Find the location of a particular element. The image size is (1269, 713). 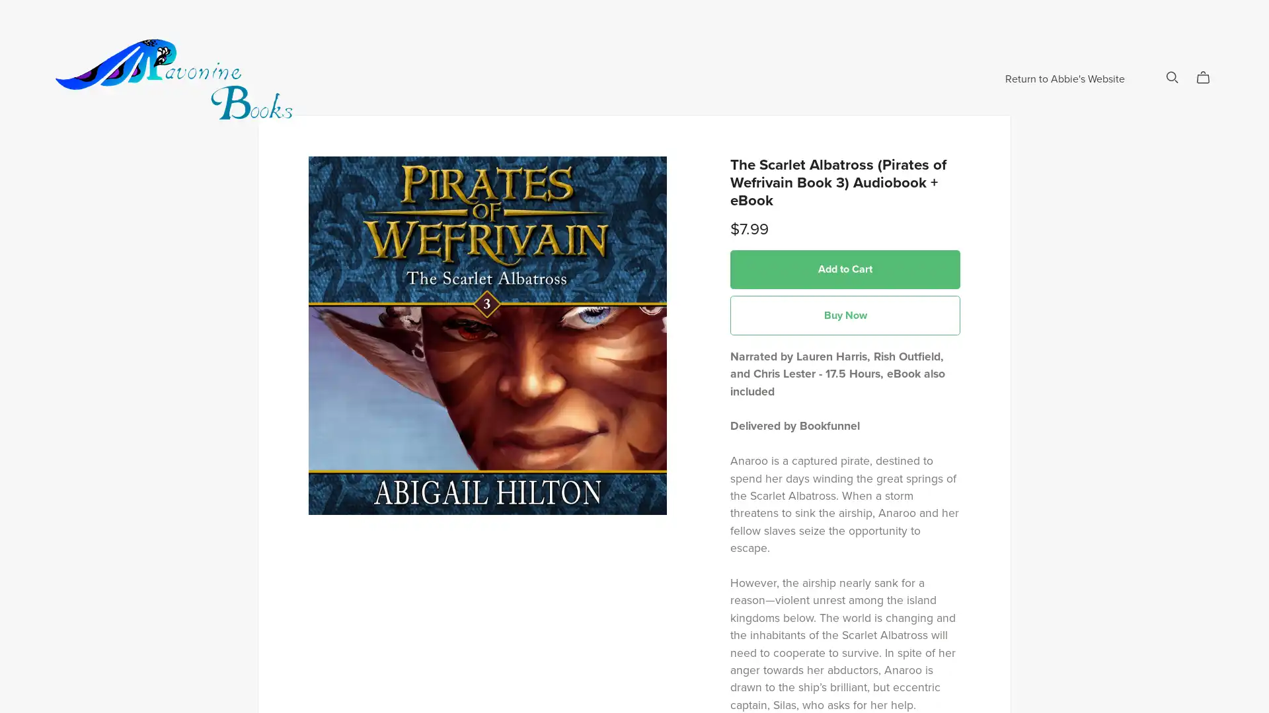

Add to Cart is located at coordinates (844, 313).